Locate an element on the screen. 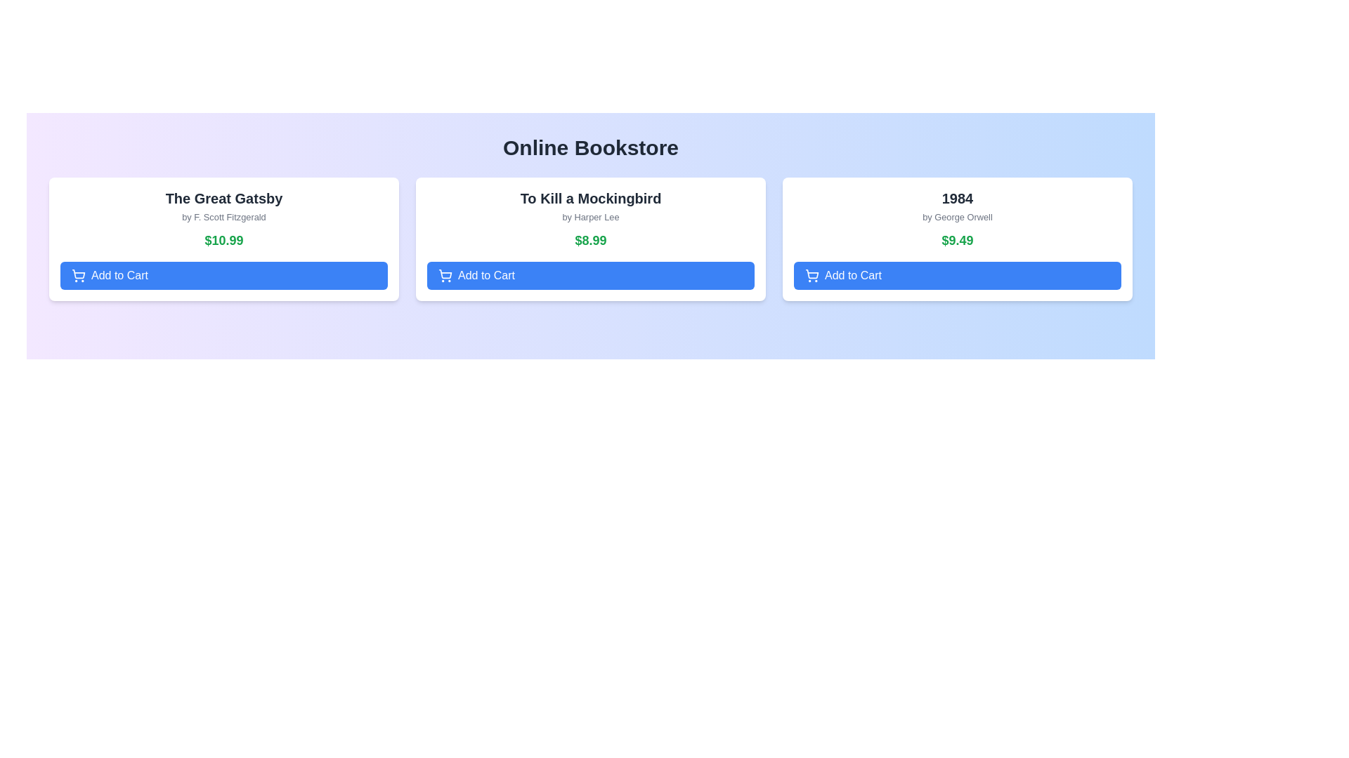  the text display element containing the title 'To Kill a Mockingbird' and the author 'by Harper Lee', which is located above the blue 'Add to Cart' button is located at coordinates (590, 219).